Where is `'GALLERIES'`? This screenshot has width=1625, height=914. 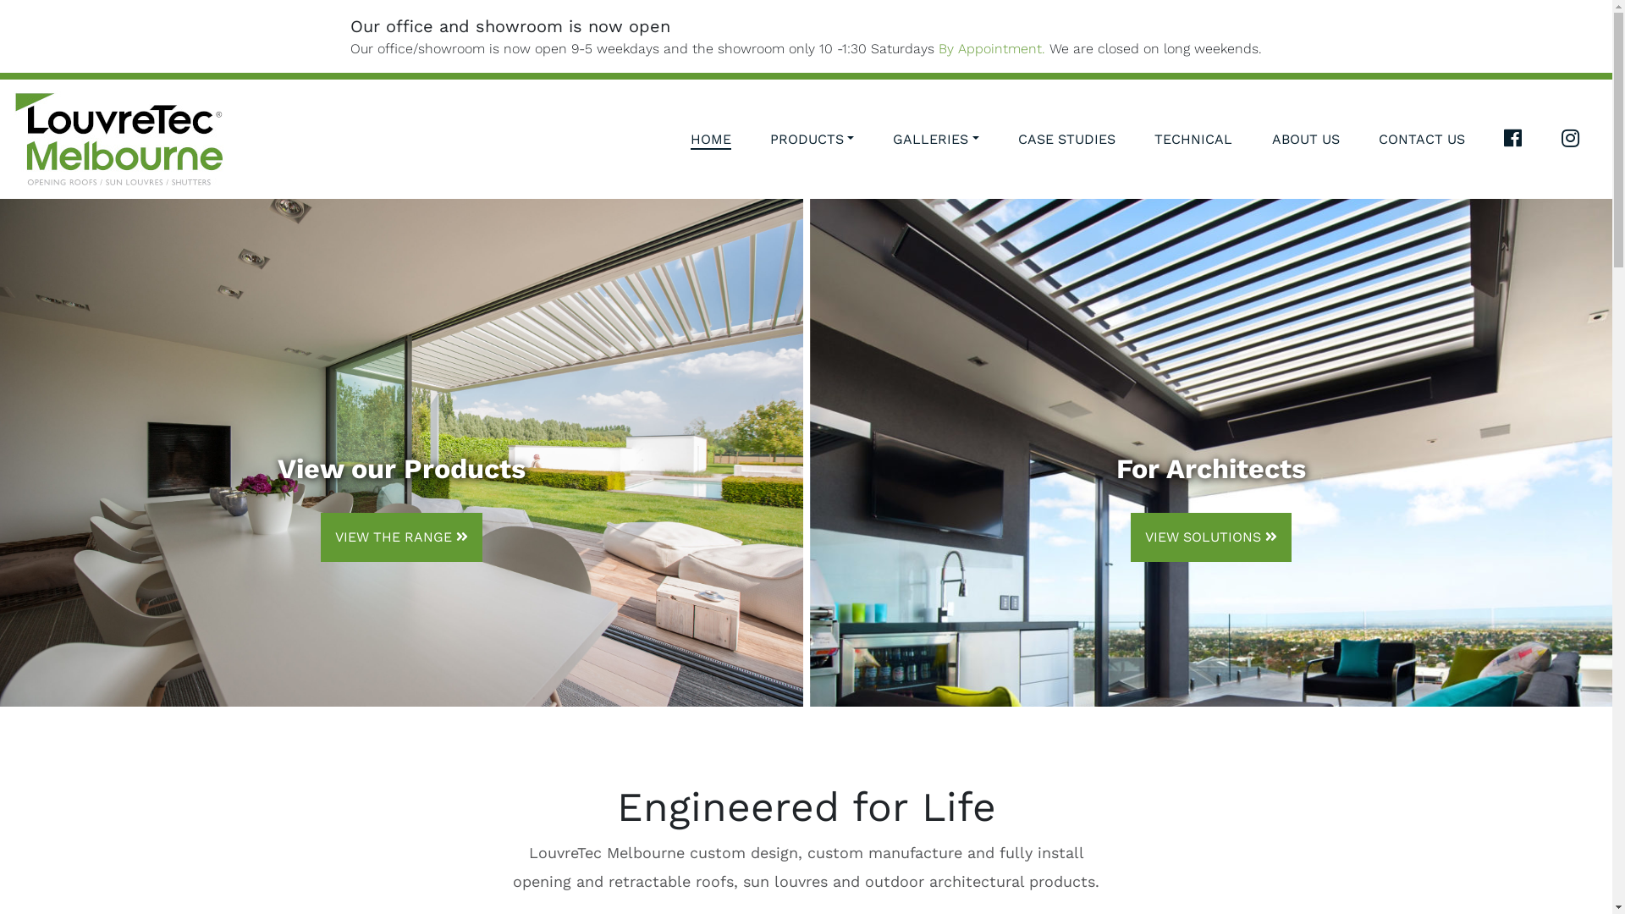 'GALLERIES' is located at coordinates (884, 138).